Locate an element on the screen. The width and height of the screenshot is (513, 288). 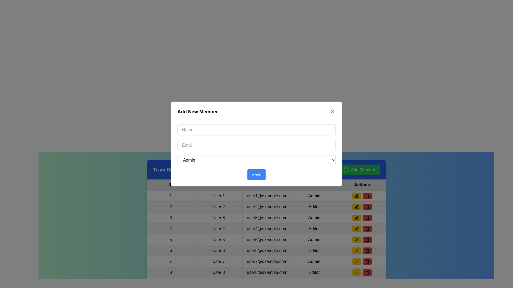
the Trash Icon, which is a minimalistic black trash bin icon located within a red button in the 'Actions' column of the data table is located at coordinates (367, 196).